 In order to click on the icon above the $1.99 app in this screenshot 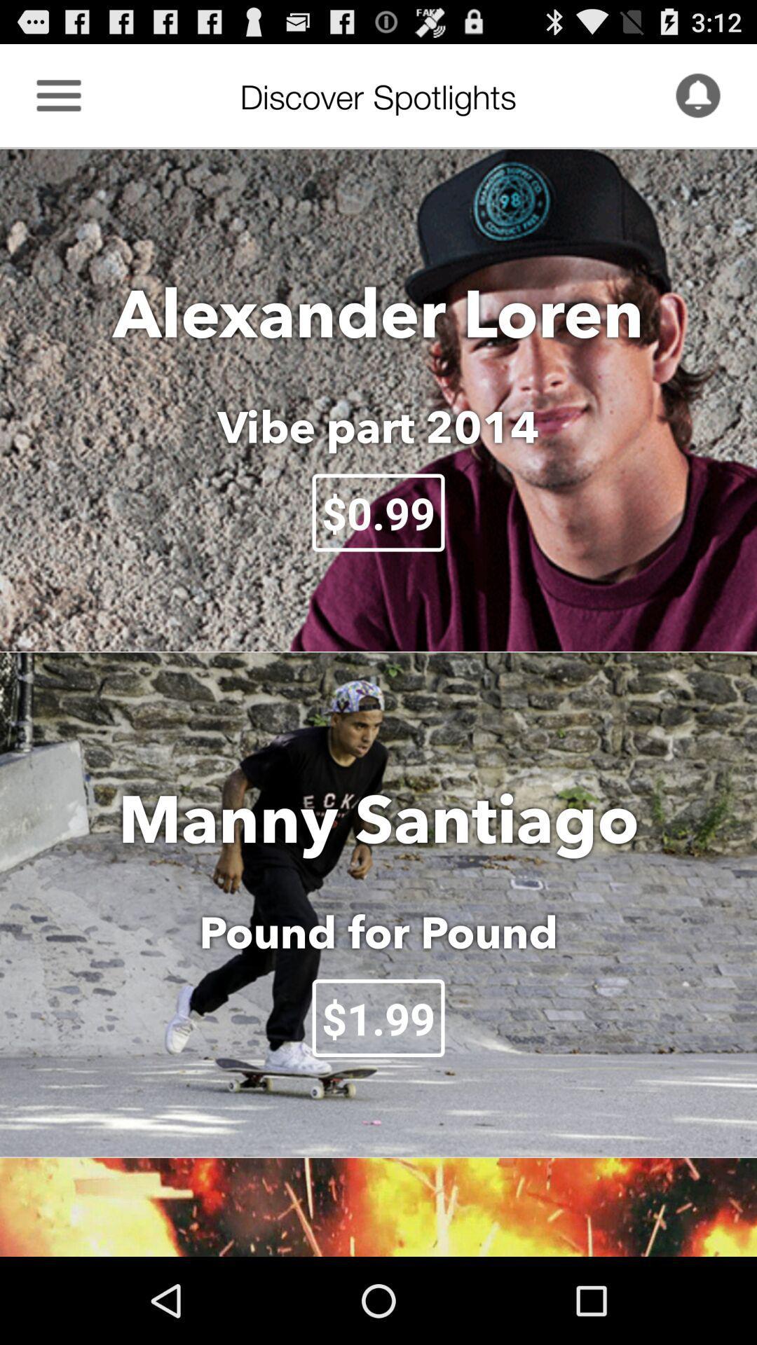, I will do `click(378, 932)`.